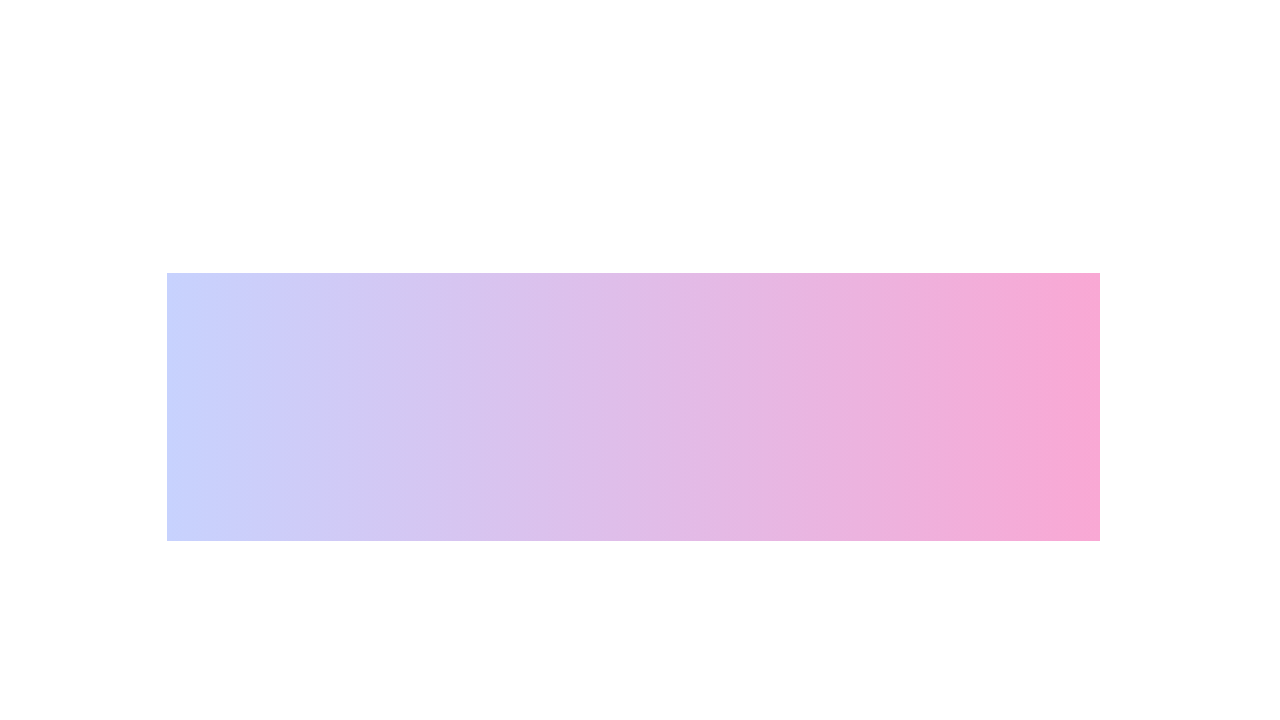 This screenshot has height=720, width=1280. Describe the element at coordinates (585, 569) in the screenshot. I see `the 'Audio Mixer' title and icon` at that location.